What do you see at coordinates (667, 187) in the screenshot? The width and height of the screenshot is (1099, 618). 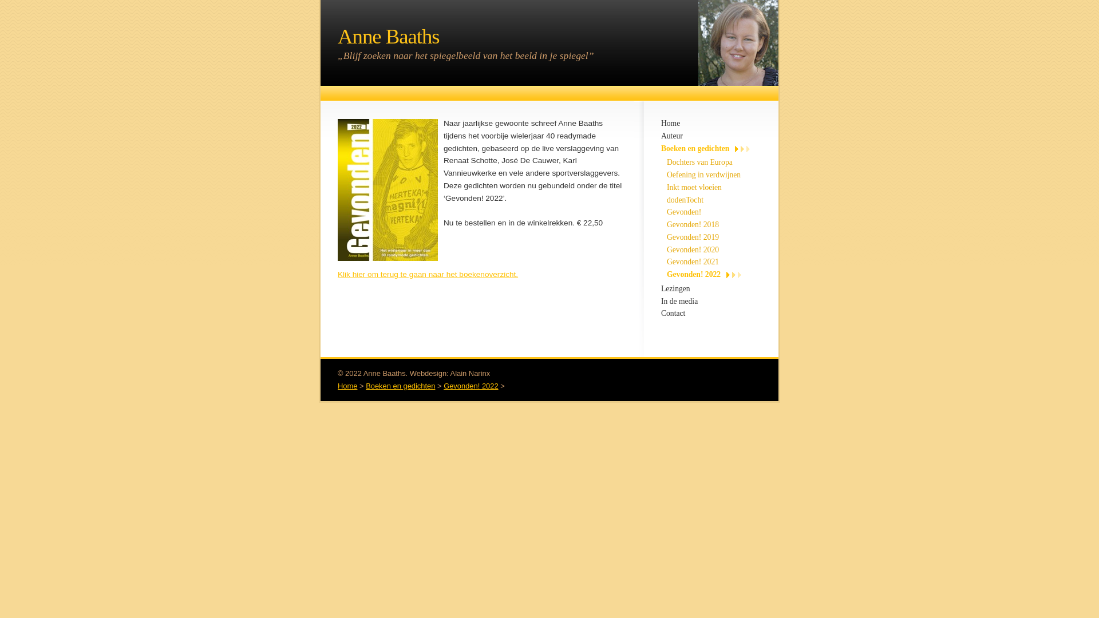 I see `'Inkt moet vloeien'` at bounding box center [667, 187].